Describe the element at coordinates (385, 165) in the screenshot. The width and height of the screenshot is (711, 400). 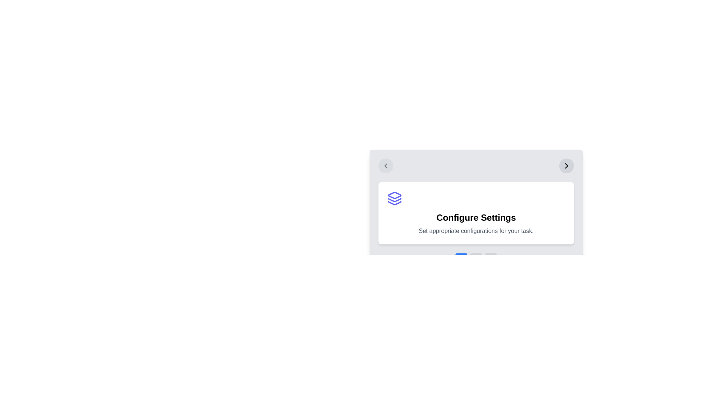
I see `left arrow button to navigate to the previous step` at that location.